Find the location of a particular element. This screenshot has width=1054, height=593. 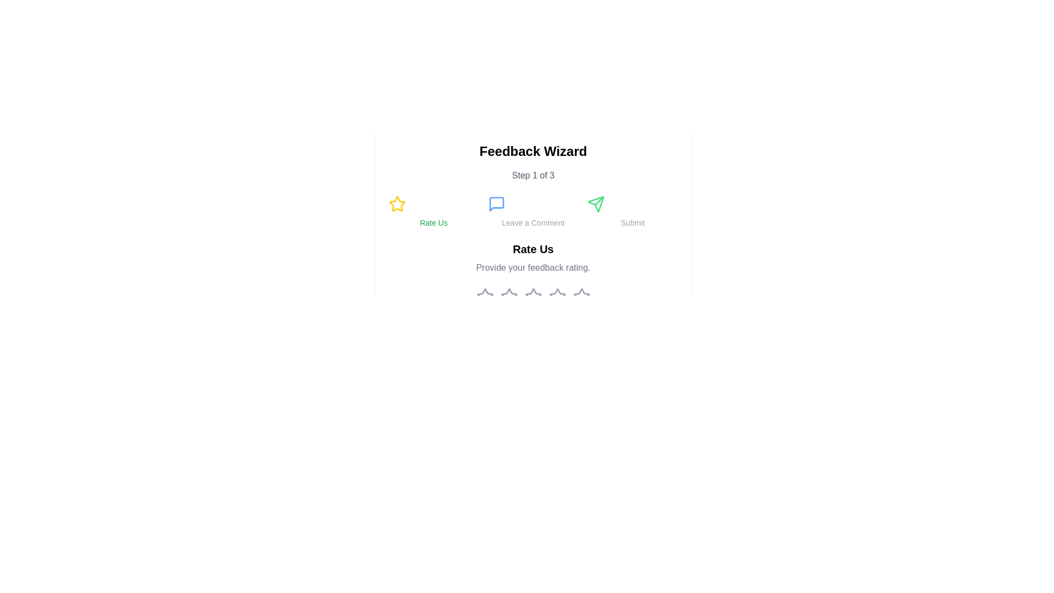

the 5th star icon in the horizontal row beneath the 'Rate Us' heading is located at coordinates (581, 296).